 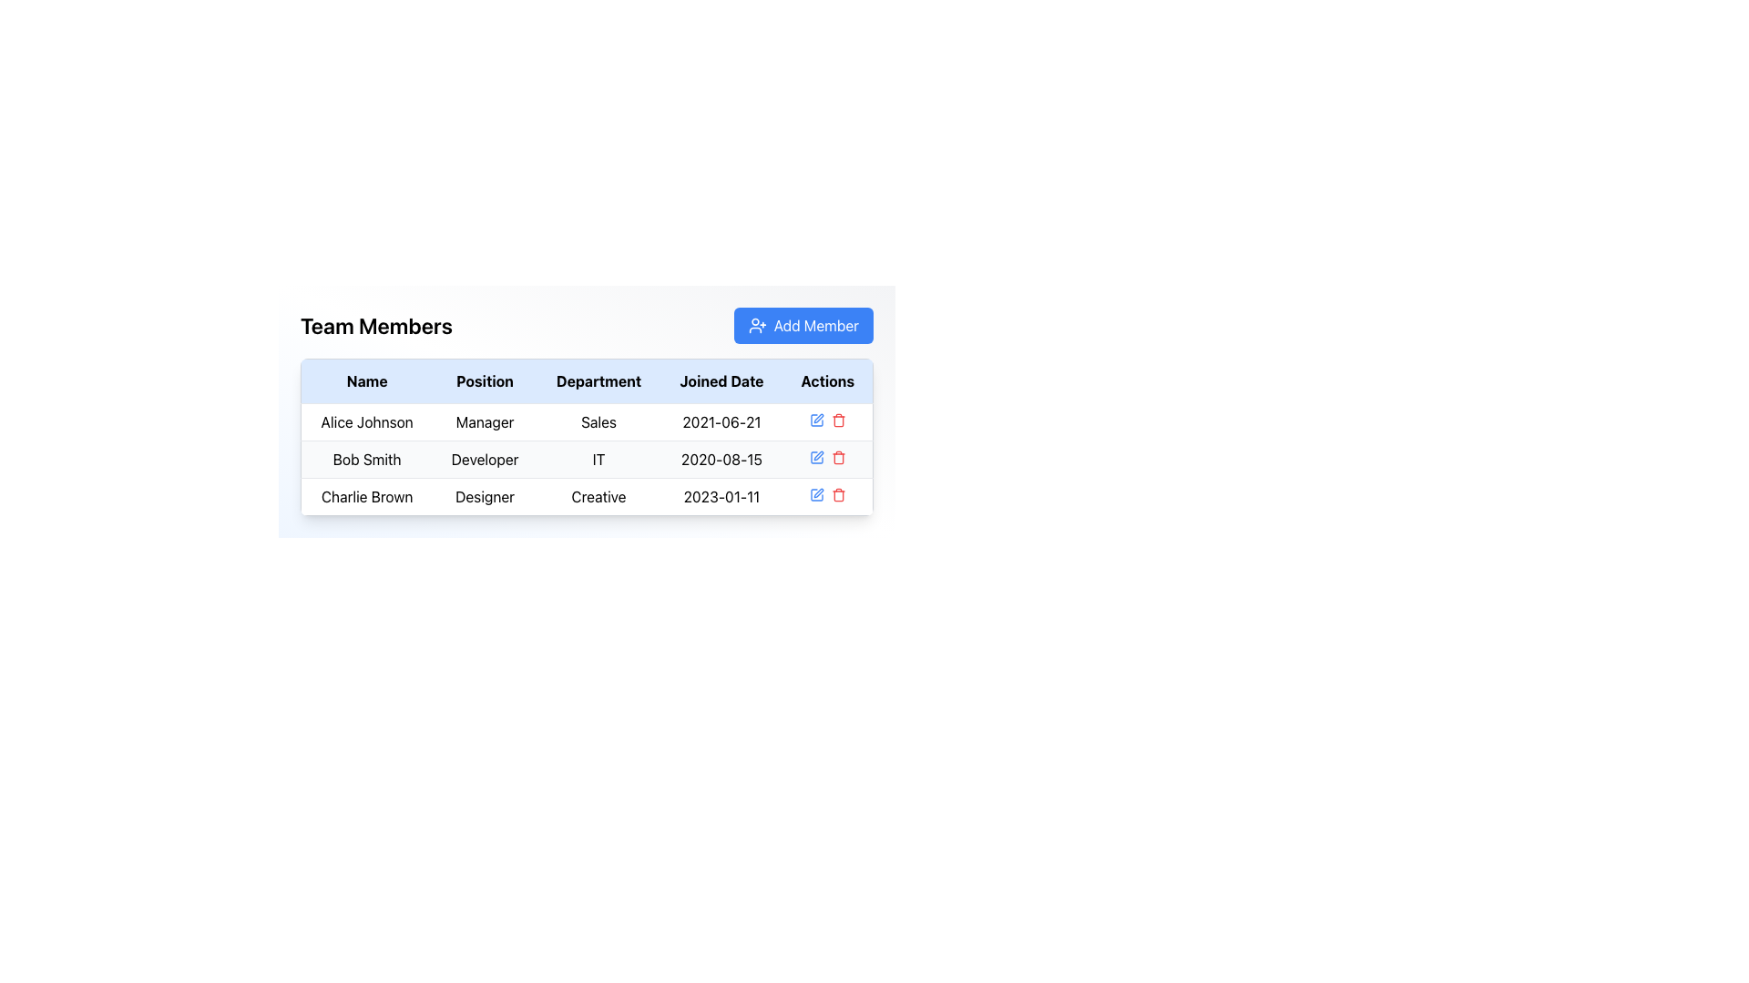 What do you see at coordinates (598, 497) in the screenshot?
I see `the static text label indicating the department name 'Creative' for the individual 'Charlie Brown' in the table` at bounding box center [598, 497].